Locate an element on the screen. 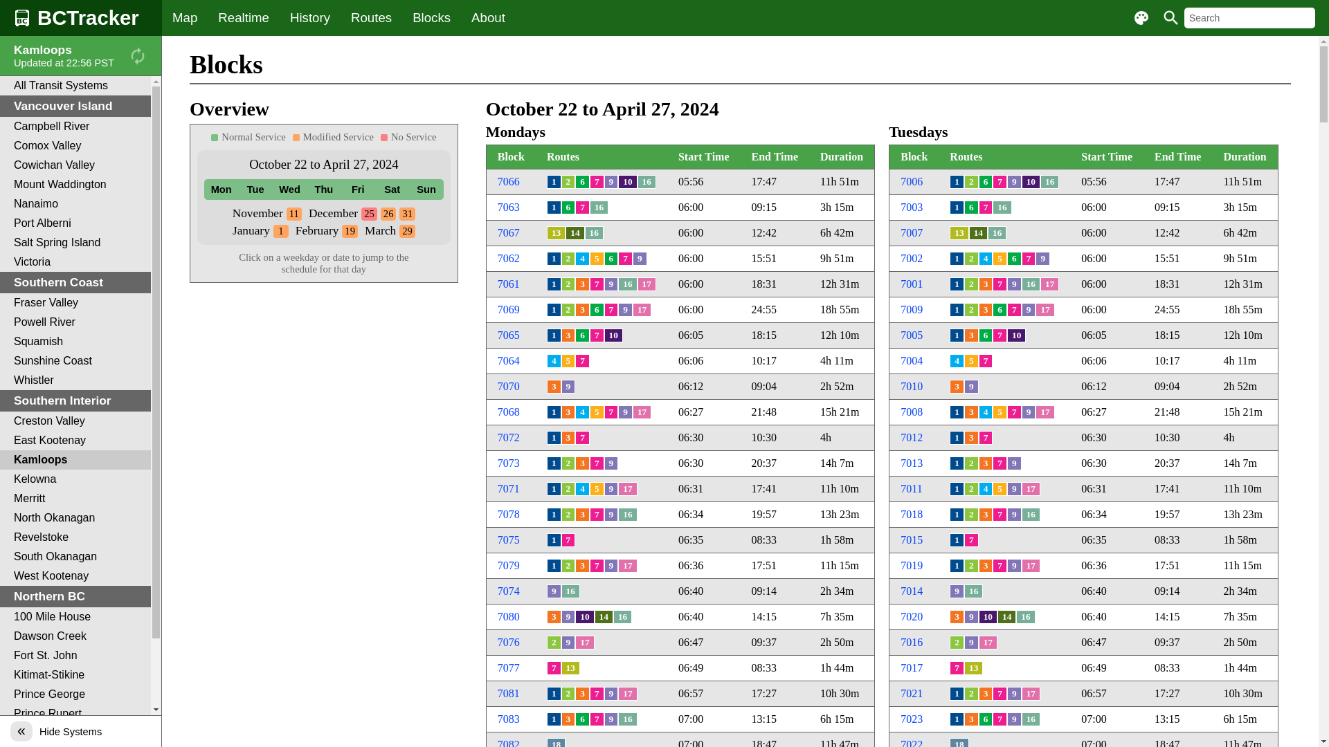 This screenshot has height=747, width=1329. '9' is located at coordinates (624, 308).